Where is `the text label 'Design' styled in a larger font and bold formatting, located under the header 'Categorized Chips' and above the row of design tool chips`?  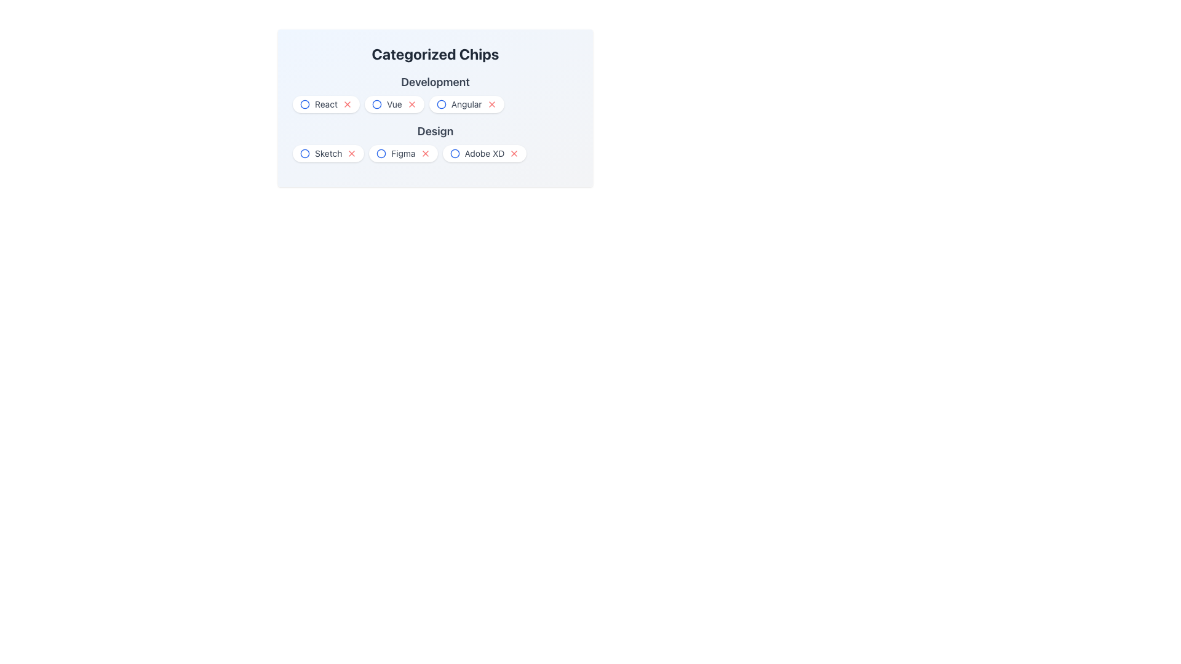 the text label 'Design' styled in a larger font and bold formatting, located under the header 'Categorized Chips' and above the row of design tool chips is located at coordinates (435, 131).